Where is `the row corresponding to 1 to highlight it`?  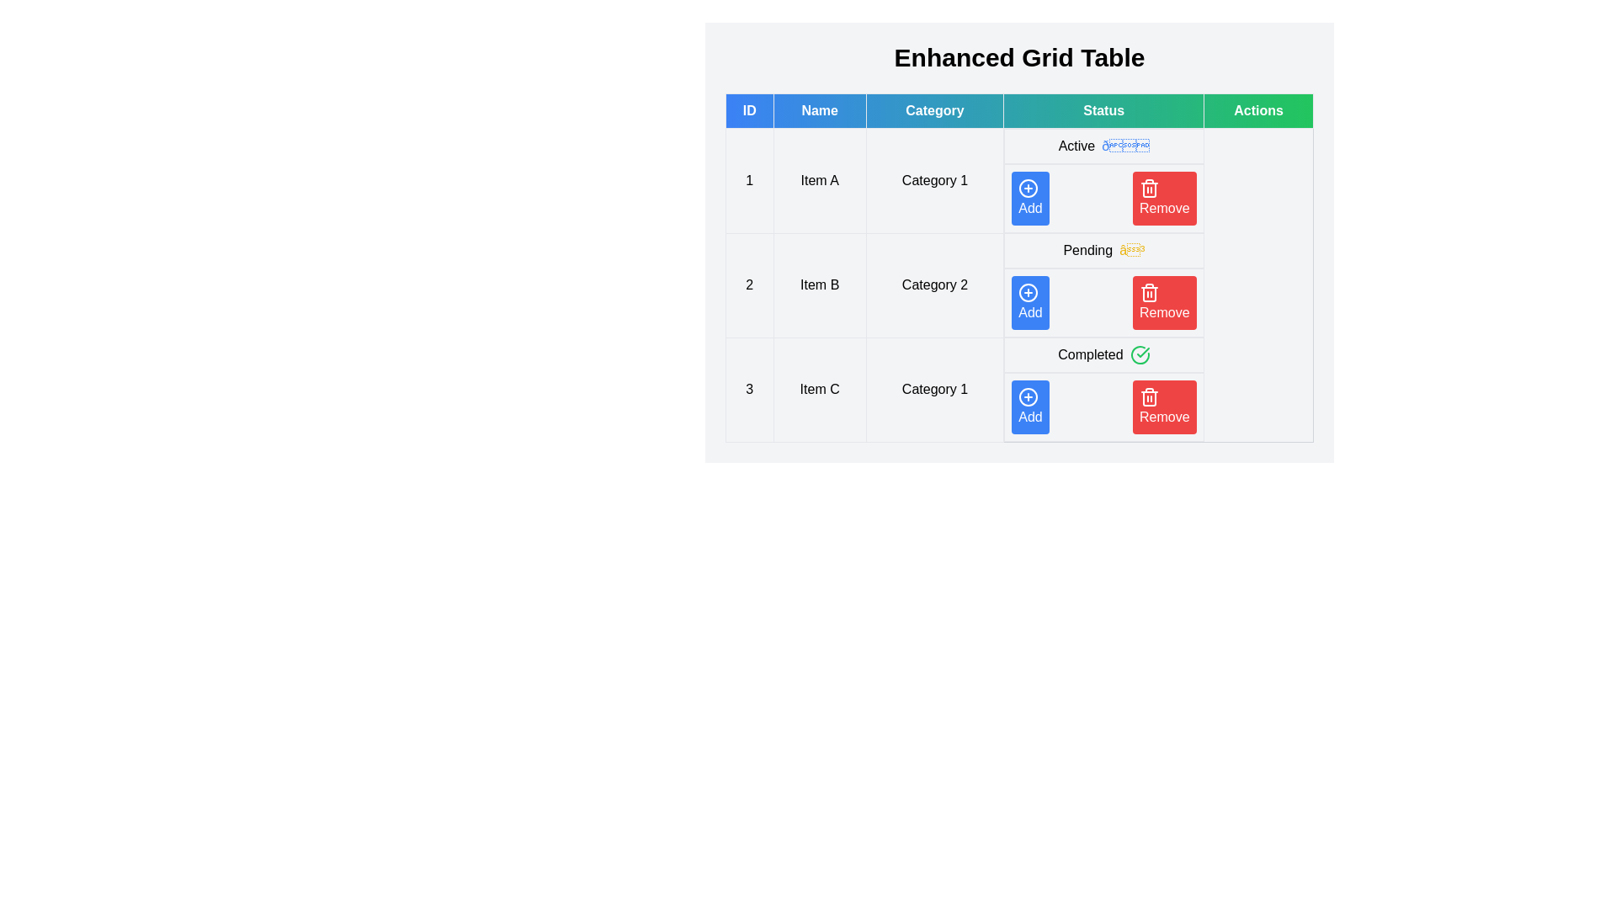
the row corresponding to 1 to highlight it is located at coordinates (1018, 180).